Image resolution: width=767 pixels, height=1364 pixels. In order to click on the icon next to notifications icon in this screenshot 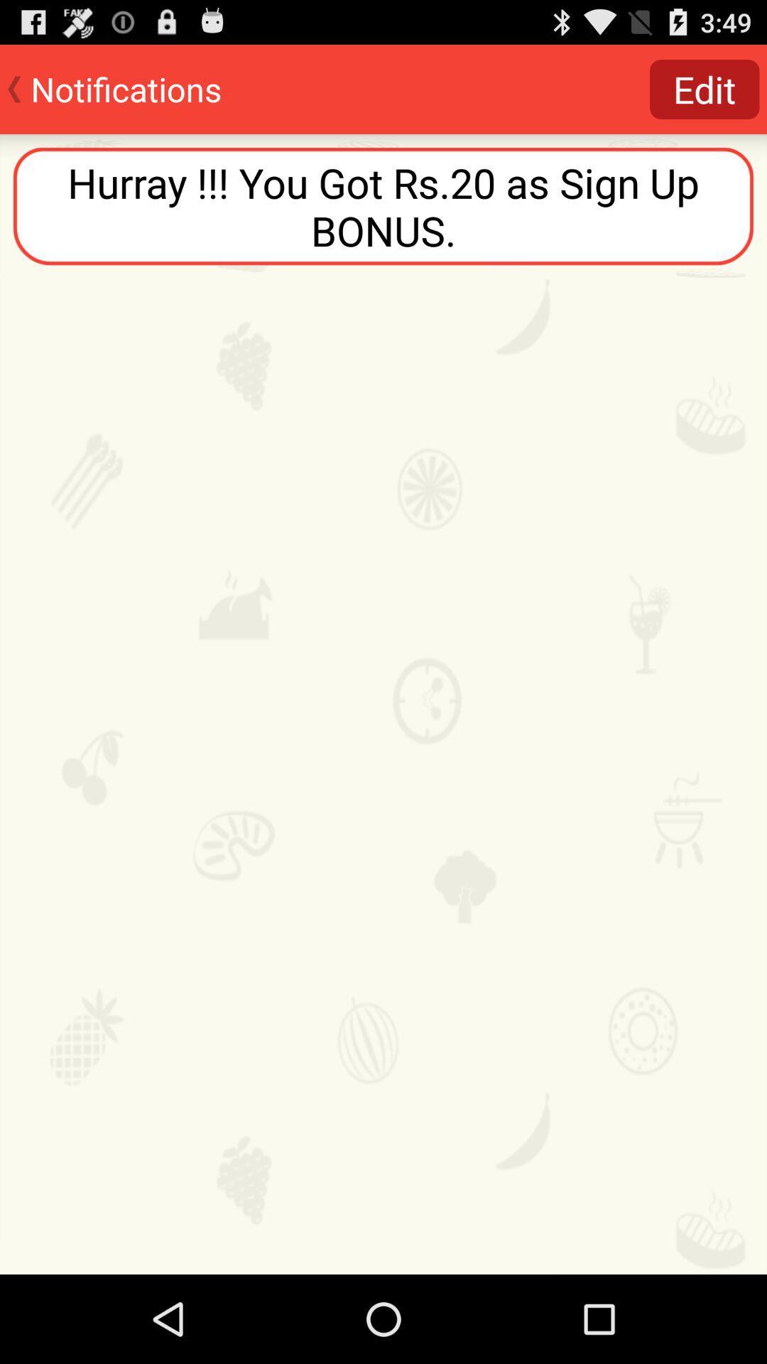, I will do `click(705, 88)`.